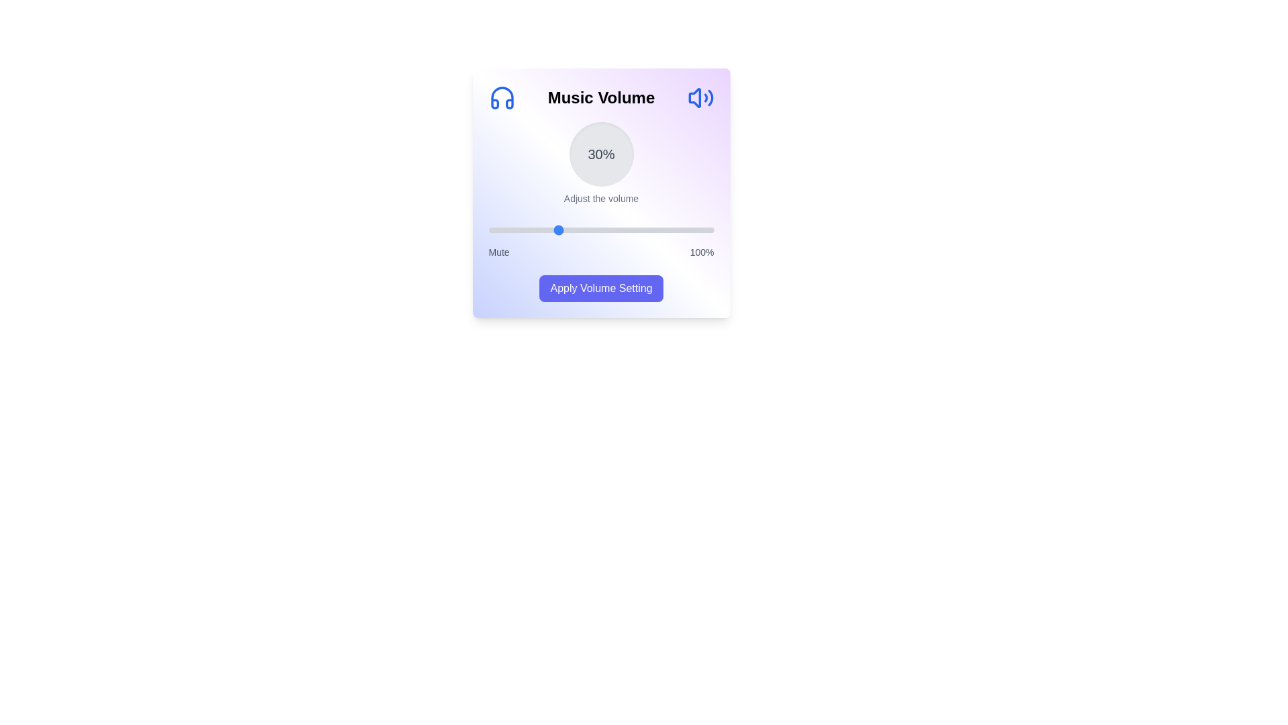 Image resolution: width=1288 pixels, height=725 pixels. What do you see at coordinates (666, 230) in the screenshot?
I see `the volume slider to 79%` at bounding box center [666, 230].